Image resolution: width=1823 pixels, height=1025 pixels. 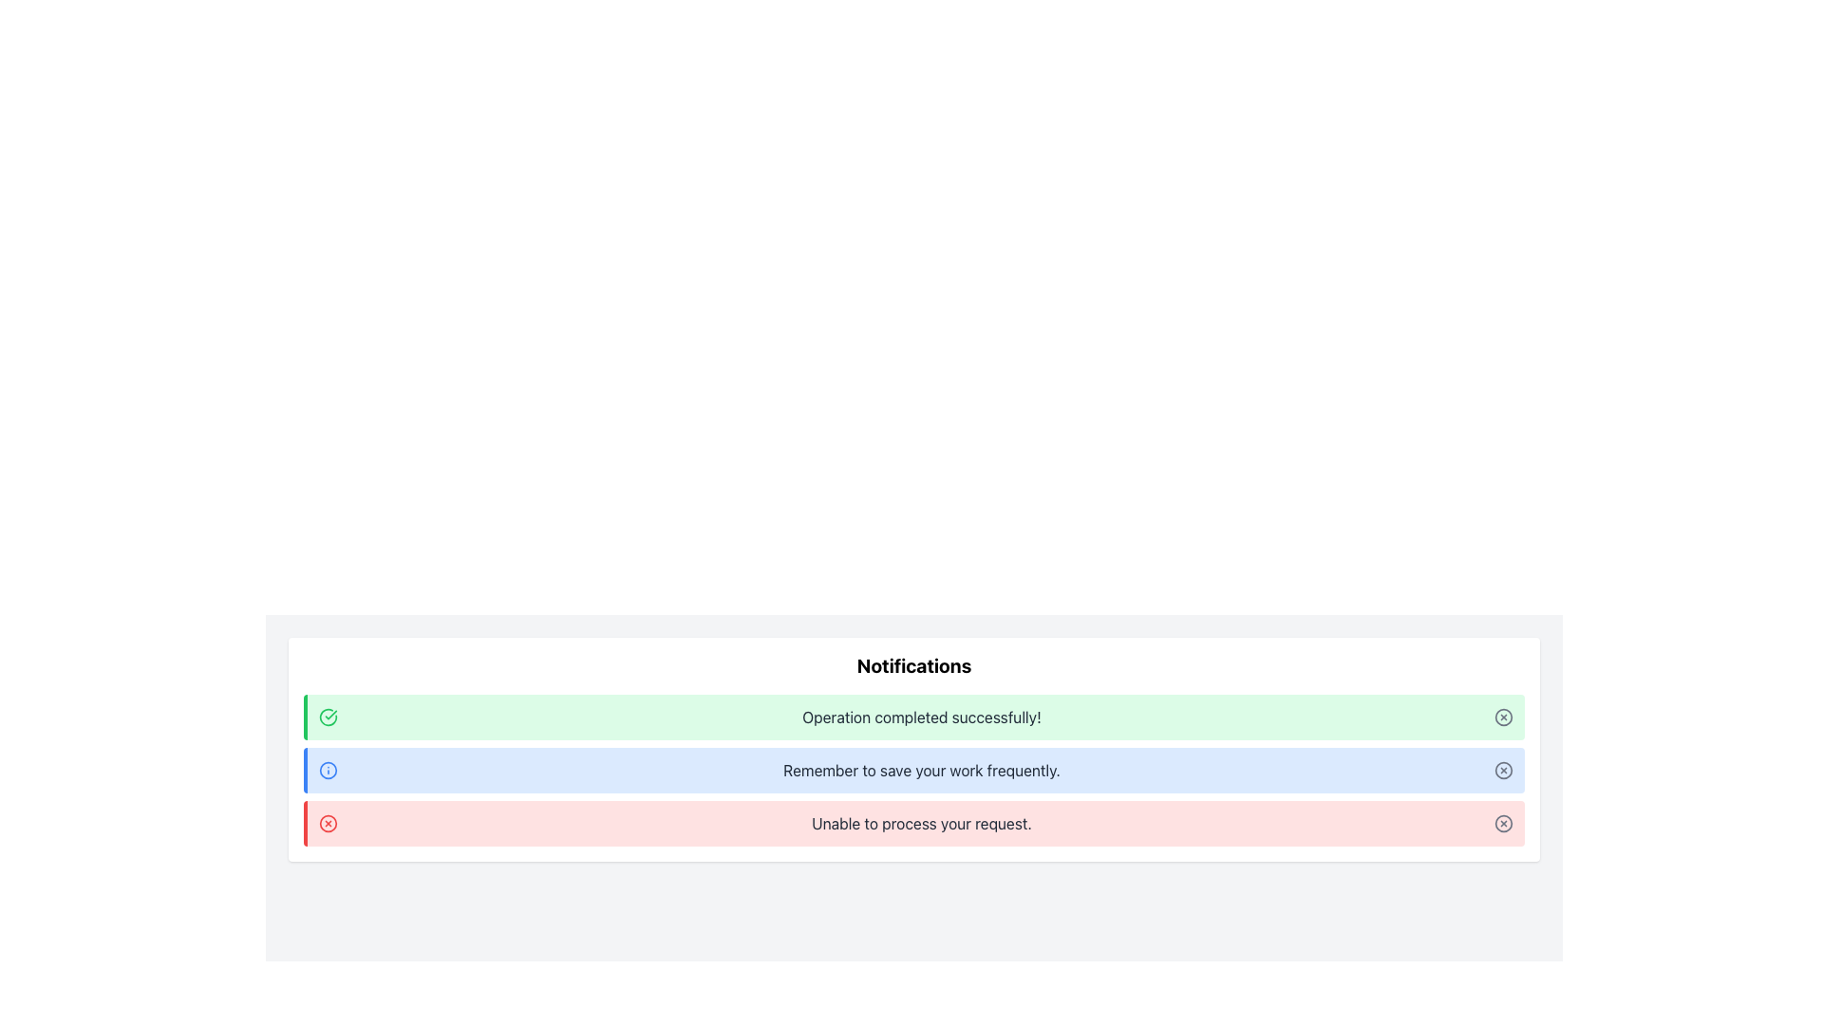 What do you see at coordinates (1503, 717) in the screenshot?
I see `the close button/icon located at the far right of the green notification bar` at bounding box center [1503, 717].